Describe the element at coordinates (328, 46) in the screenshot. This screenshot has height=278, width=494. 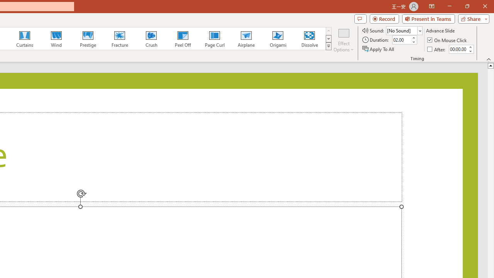
I see `'Transition Effects'` at that location.